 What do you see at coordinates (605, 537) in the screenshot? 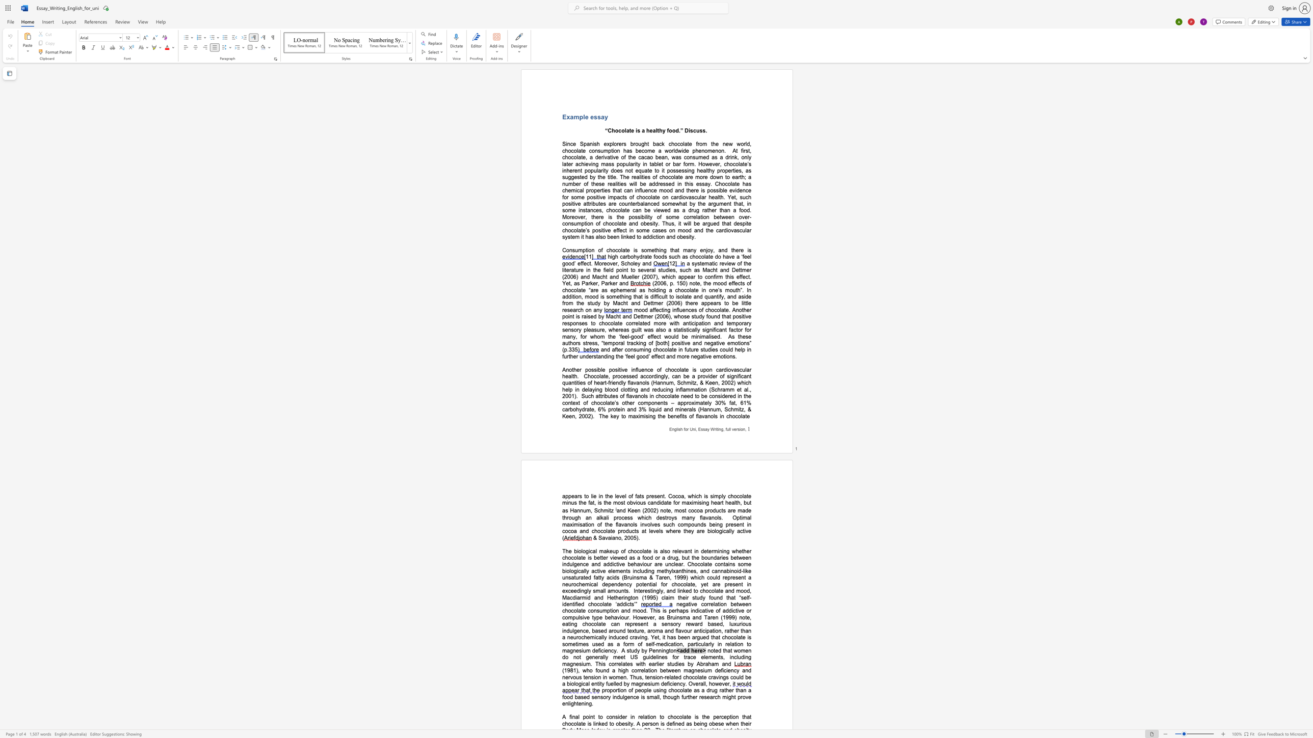
I see `the space between the continuous character "a" and "v" in the text` at bounding box center [605, 537].